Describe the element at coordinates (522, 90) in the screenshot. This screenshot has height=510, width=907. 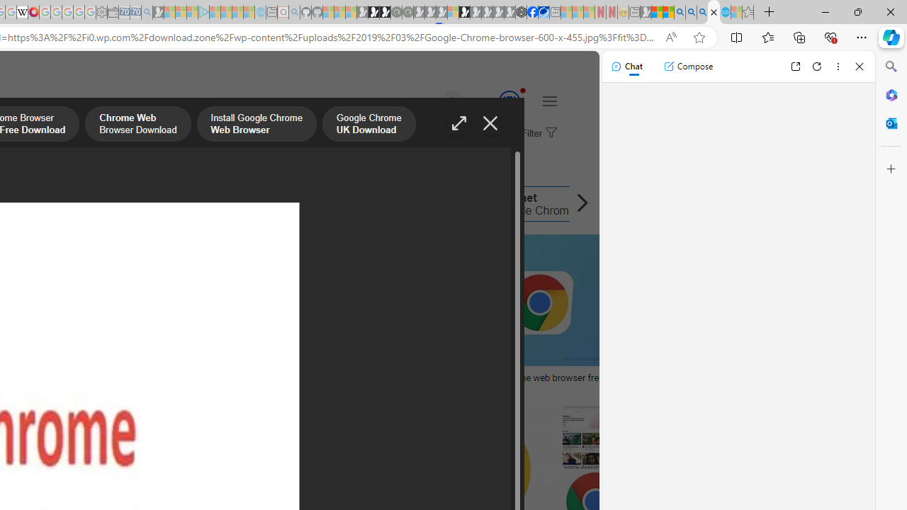
I see `'Animation'` at that location.